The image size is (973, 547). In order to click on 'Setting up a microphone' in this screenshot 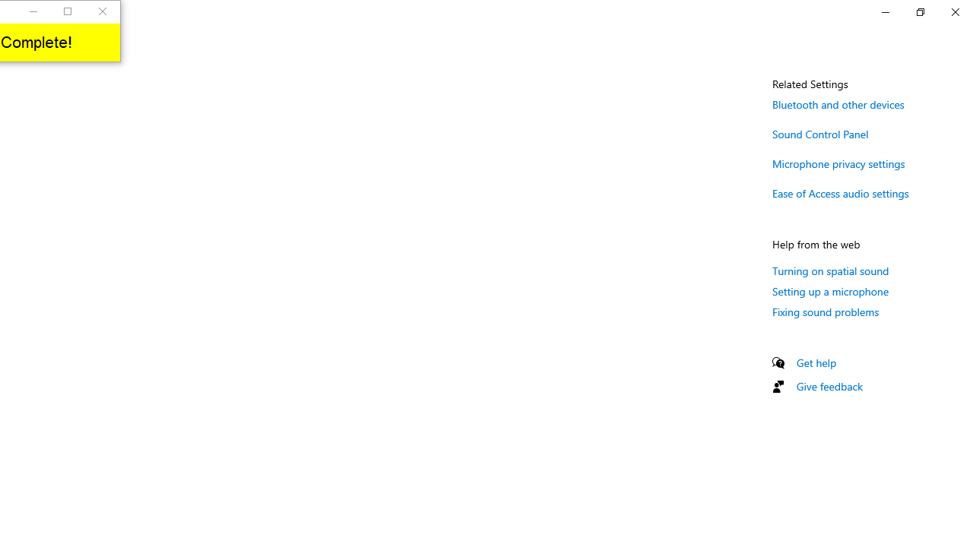, I will do `click(830, 291)`.